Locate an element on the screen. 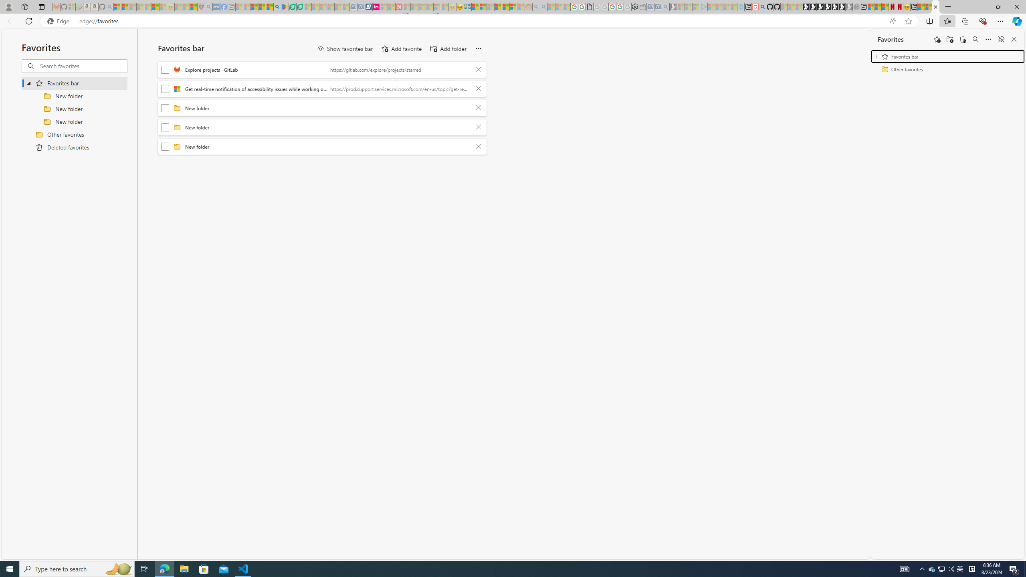 The height and width of the screenshot is (577, 1026). 'Wildlife - MSN' is located at coordinates (921, 6).